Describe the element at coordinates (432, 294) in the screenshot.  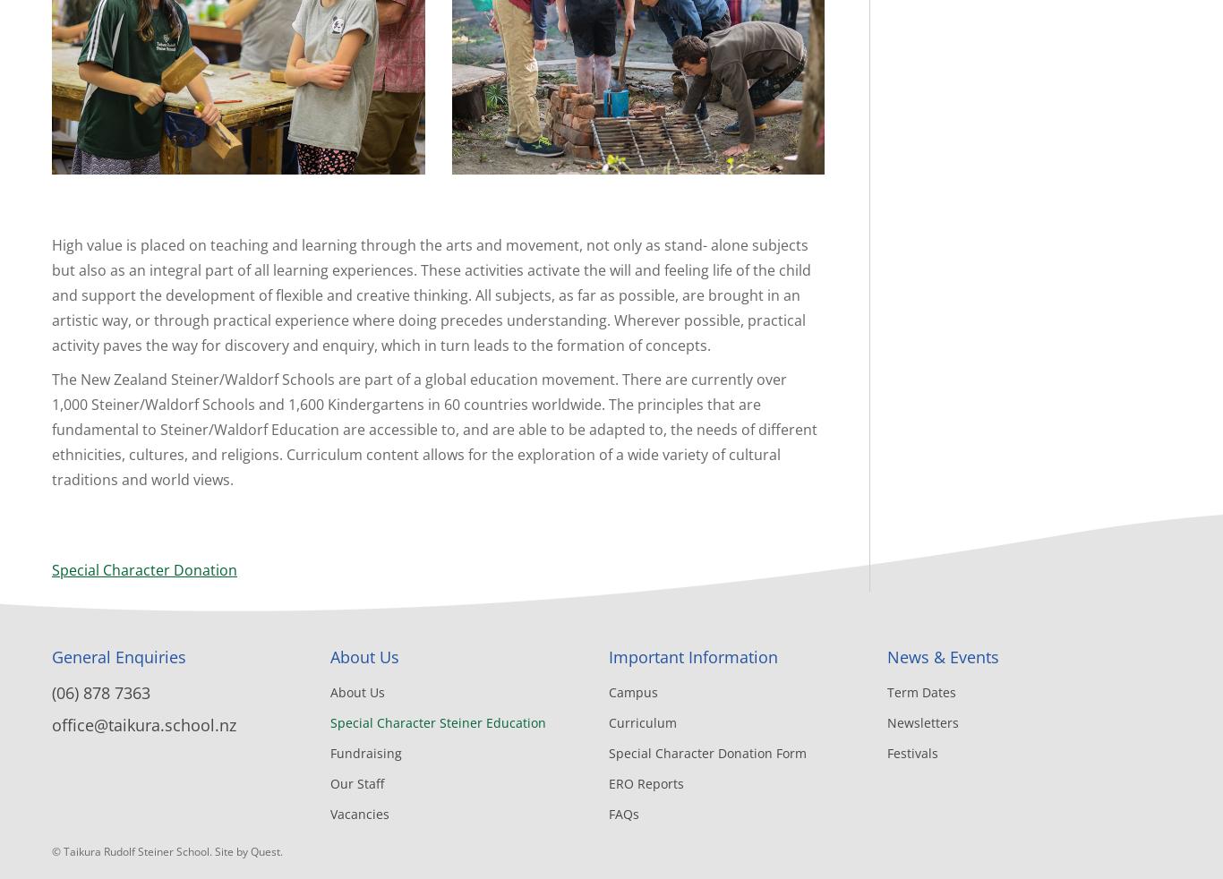
I see `'High value is placed on teaching and learning through the arts and movement, not only as stand- alone subjects but also as an integral part of all learning experiences. These activities activate the will and feeling life of the child and support the development of flexible and creative thinking. All subjects, as far as possible, are brought in an artistic way, or through practical experience where doing precedes understanding. Wherever possible, practical activity paves the way for discovery and enquiry, which in turn leads to the formation of concepts.'` at that location.